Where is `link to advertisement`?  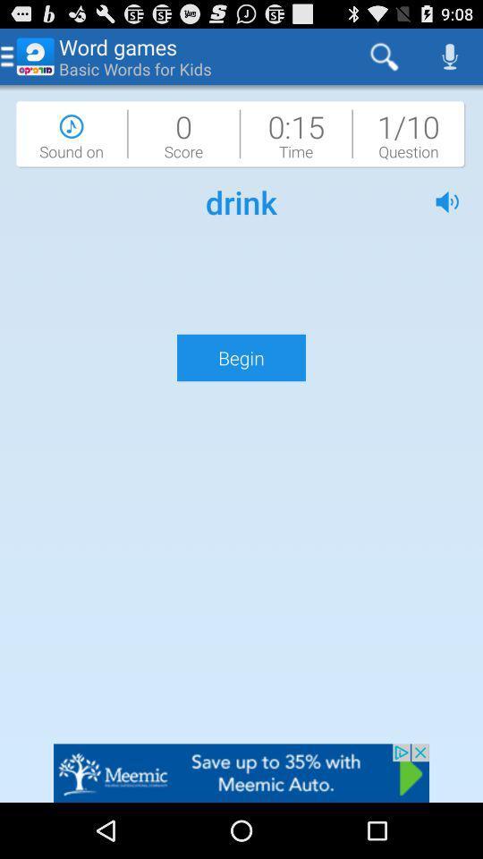
link to advertisement is located at coordinates (241, 772).